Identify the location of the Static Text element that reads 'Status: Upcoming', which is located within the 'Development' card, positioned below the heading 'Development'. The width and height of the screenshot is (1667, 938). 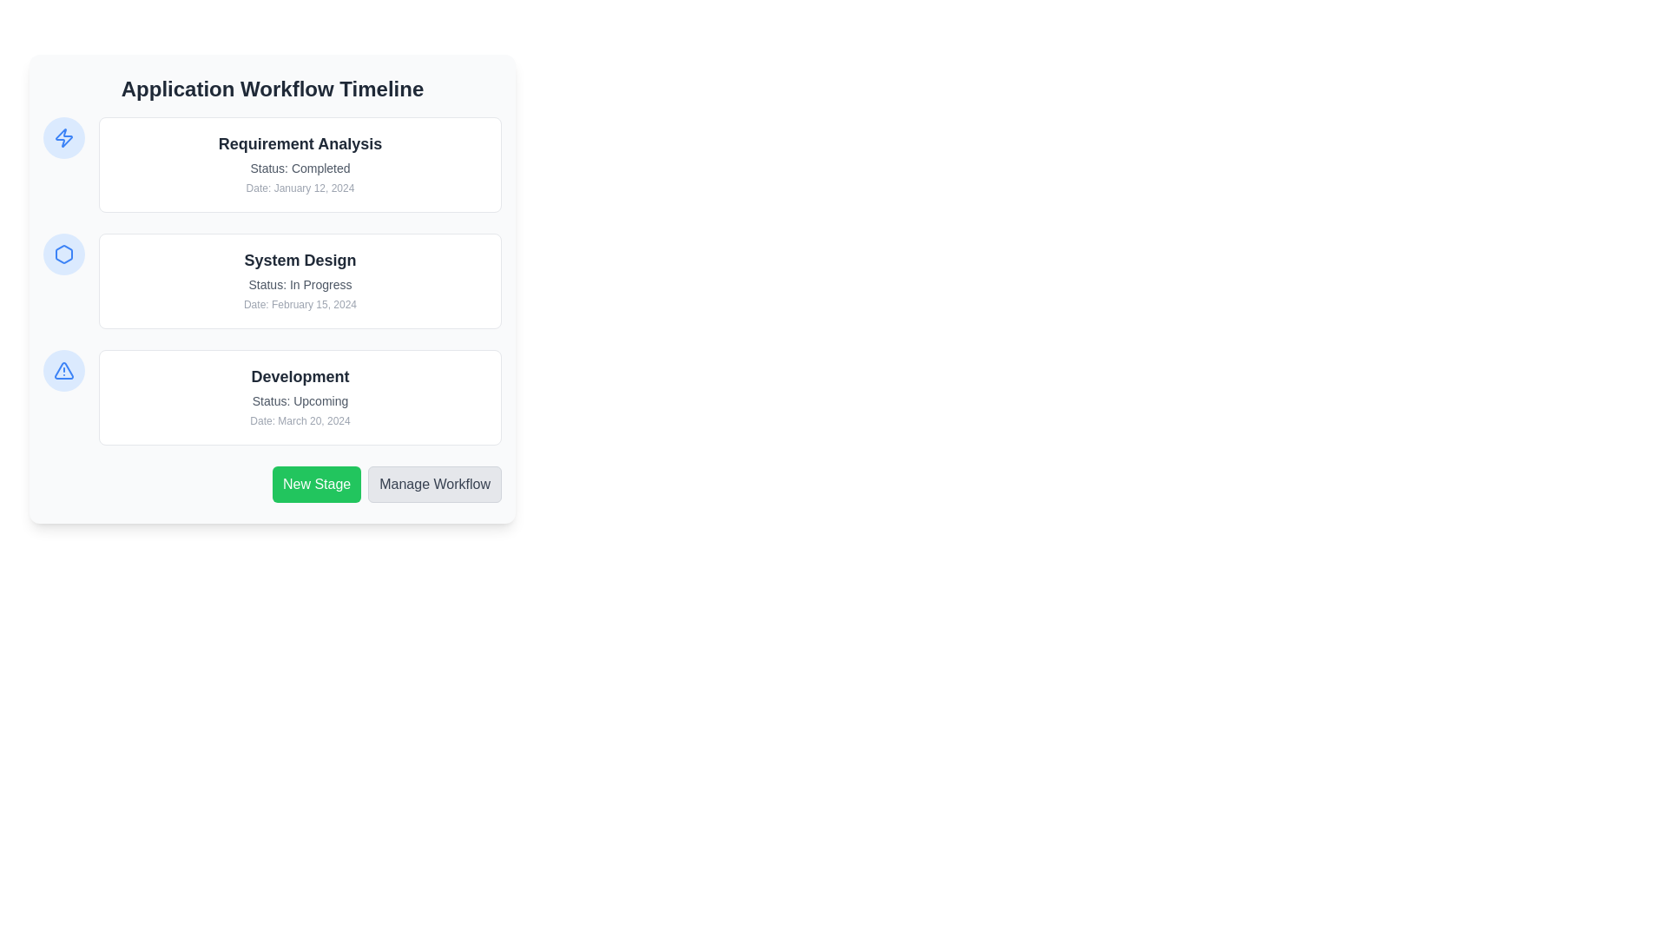
(300, 401).